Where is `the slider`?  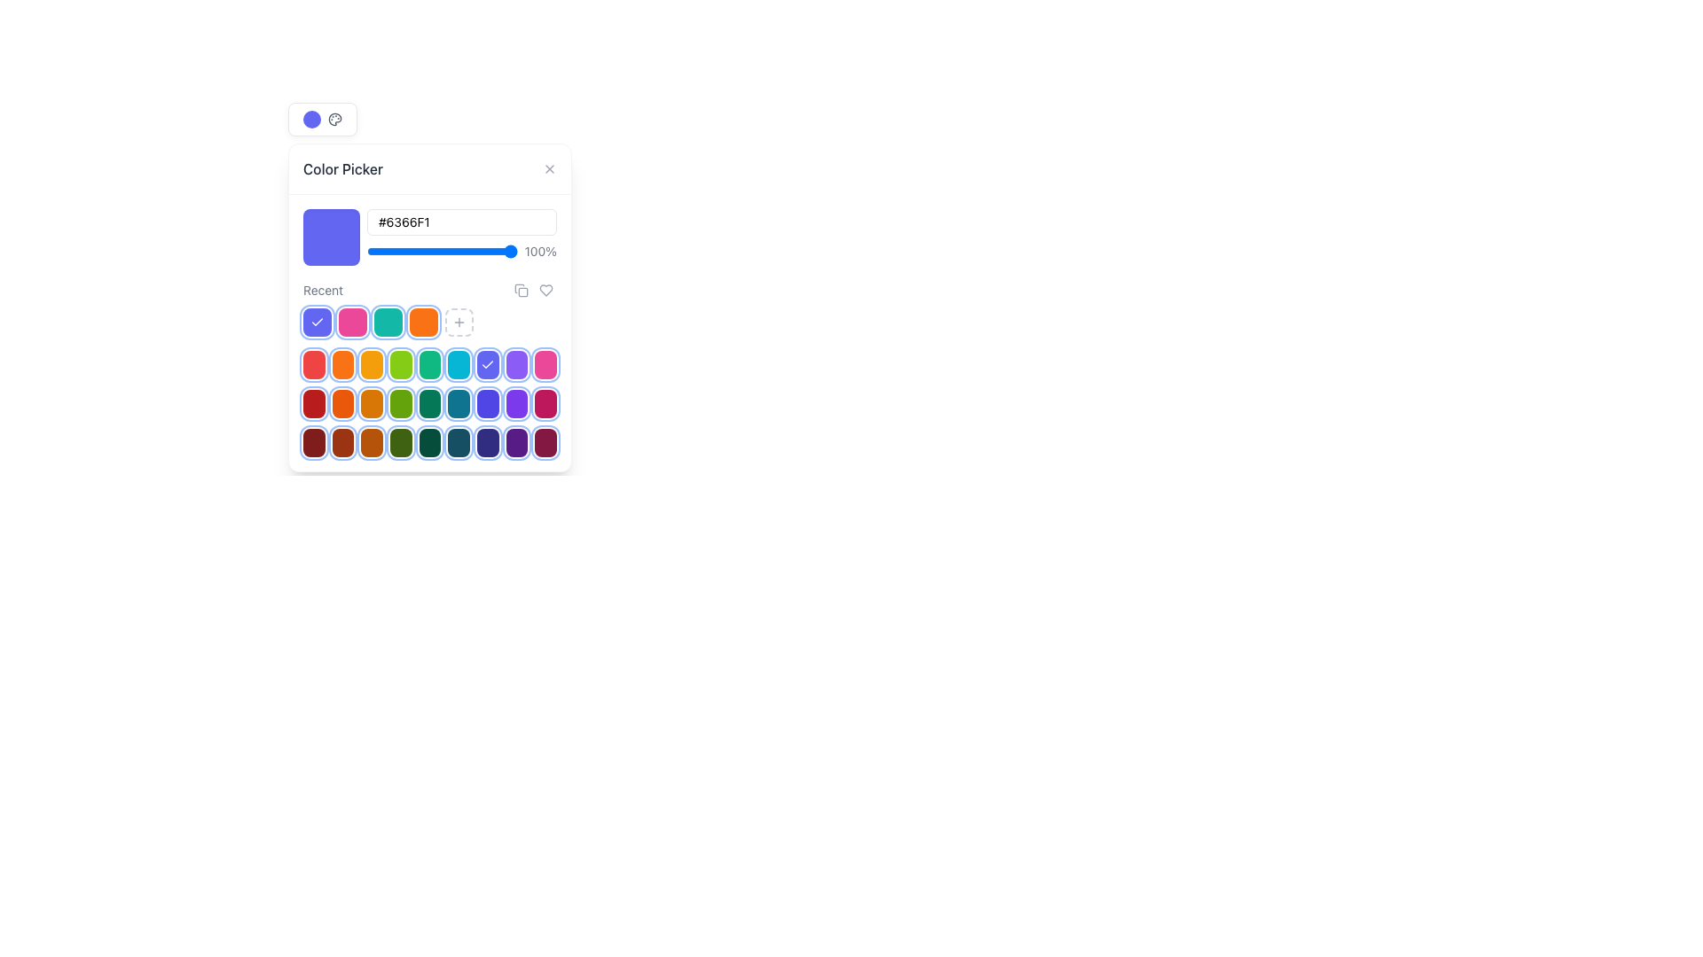
the slider is located at coordinates (509, 252).